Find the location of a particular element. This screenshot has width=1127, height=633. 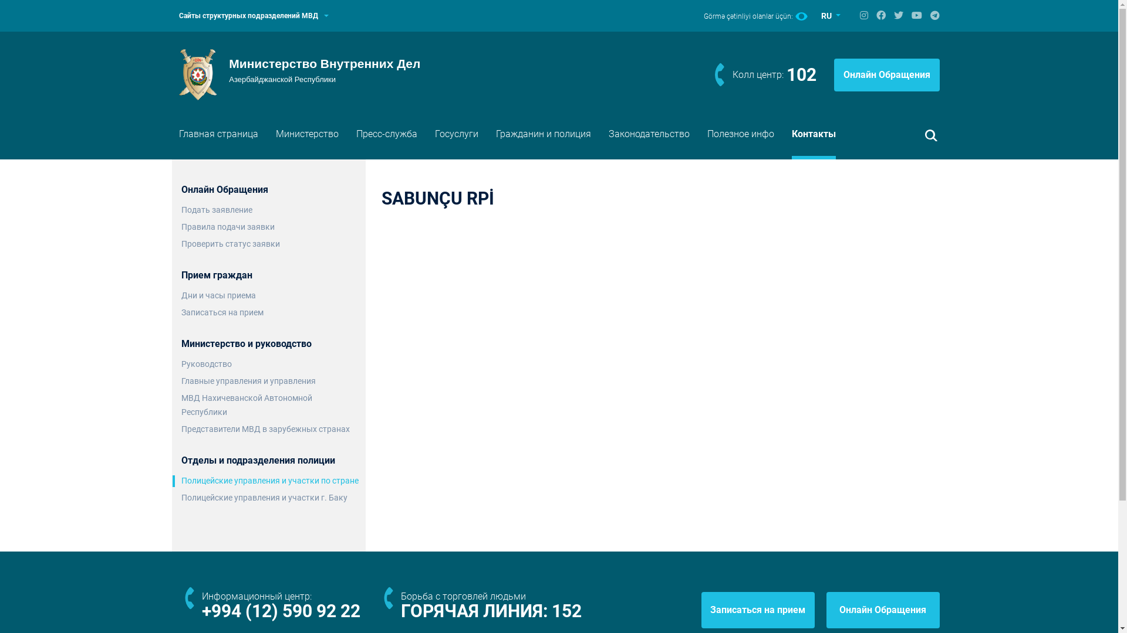

'102' is located at coordinates (801, 74).